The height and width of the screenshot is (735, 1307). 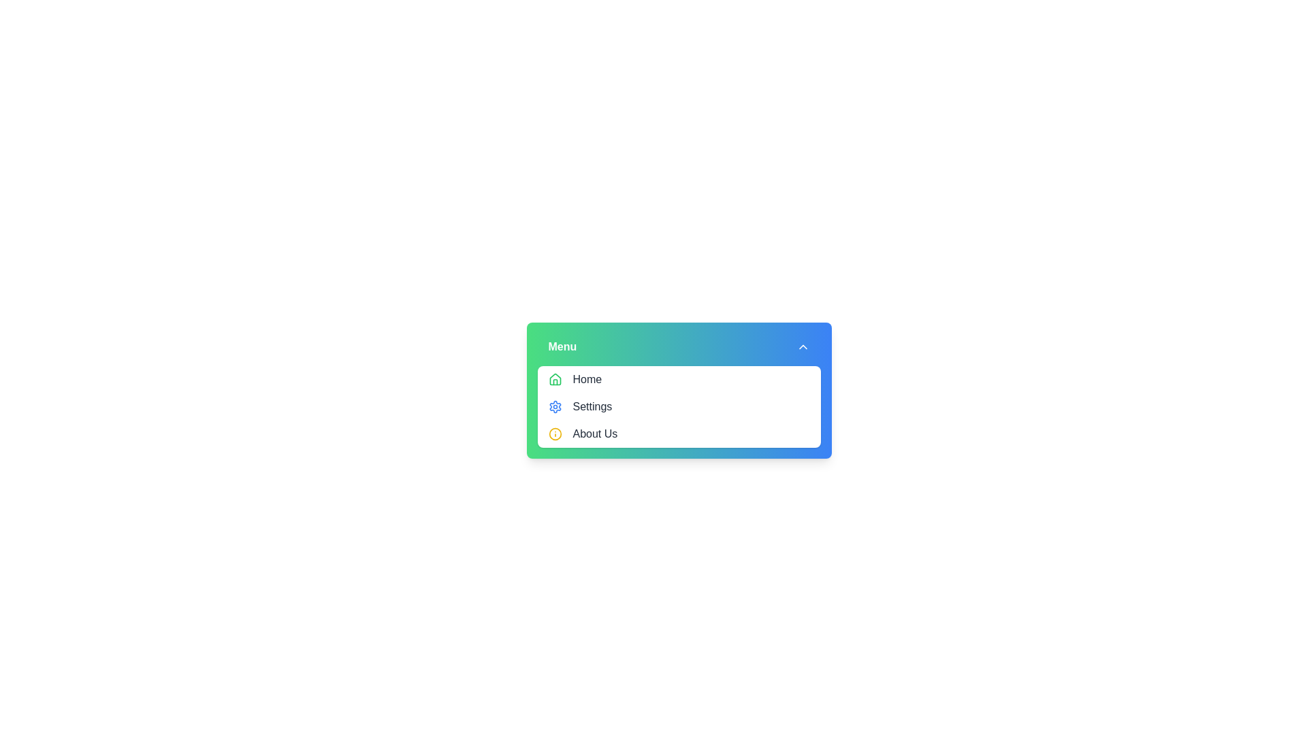 What do you see at coordinates (595, 434) in the screenshot?
I see `the 'About Us' menu item in the dropdown menu` at bounding box center [595, 434].